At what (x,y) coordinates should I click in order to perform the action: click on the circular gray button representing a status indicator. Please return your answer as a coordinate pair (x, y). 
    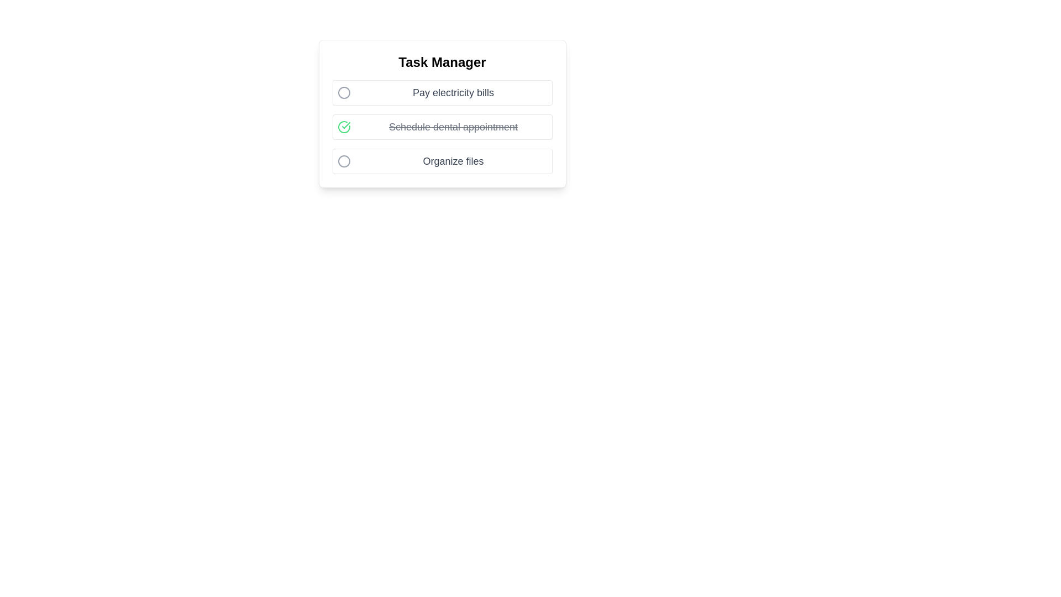
    Looking at the image, I should click on (343, 92).